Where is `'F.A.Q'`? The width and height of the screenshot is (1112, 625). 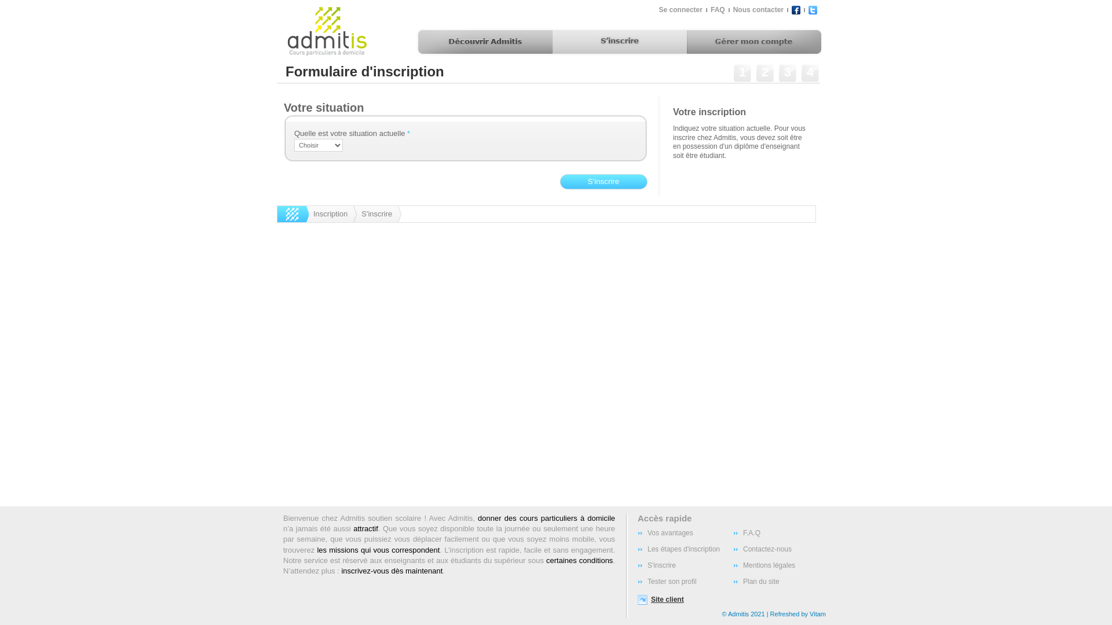
'F.A.Q' is located at coordinates (781, 533).